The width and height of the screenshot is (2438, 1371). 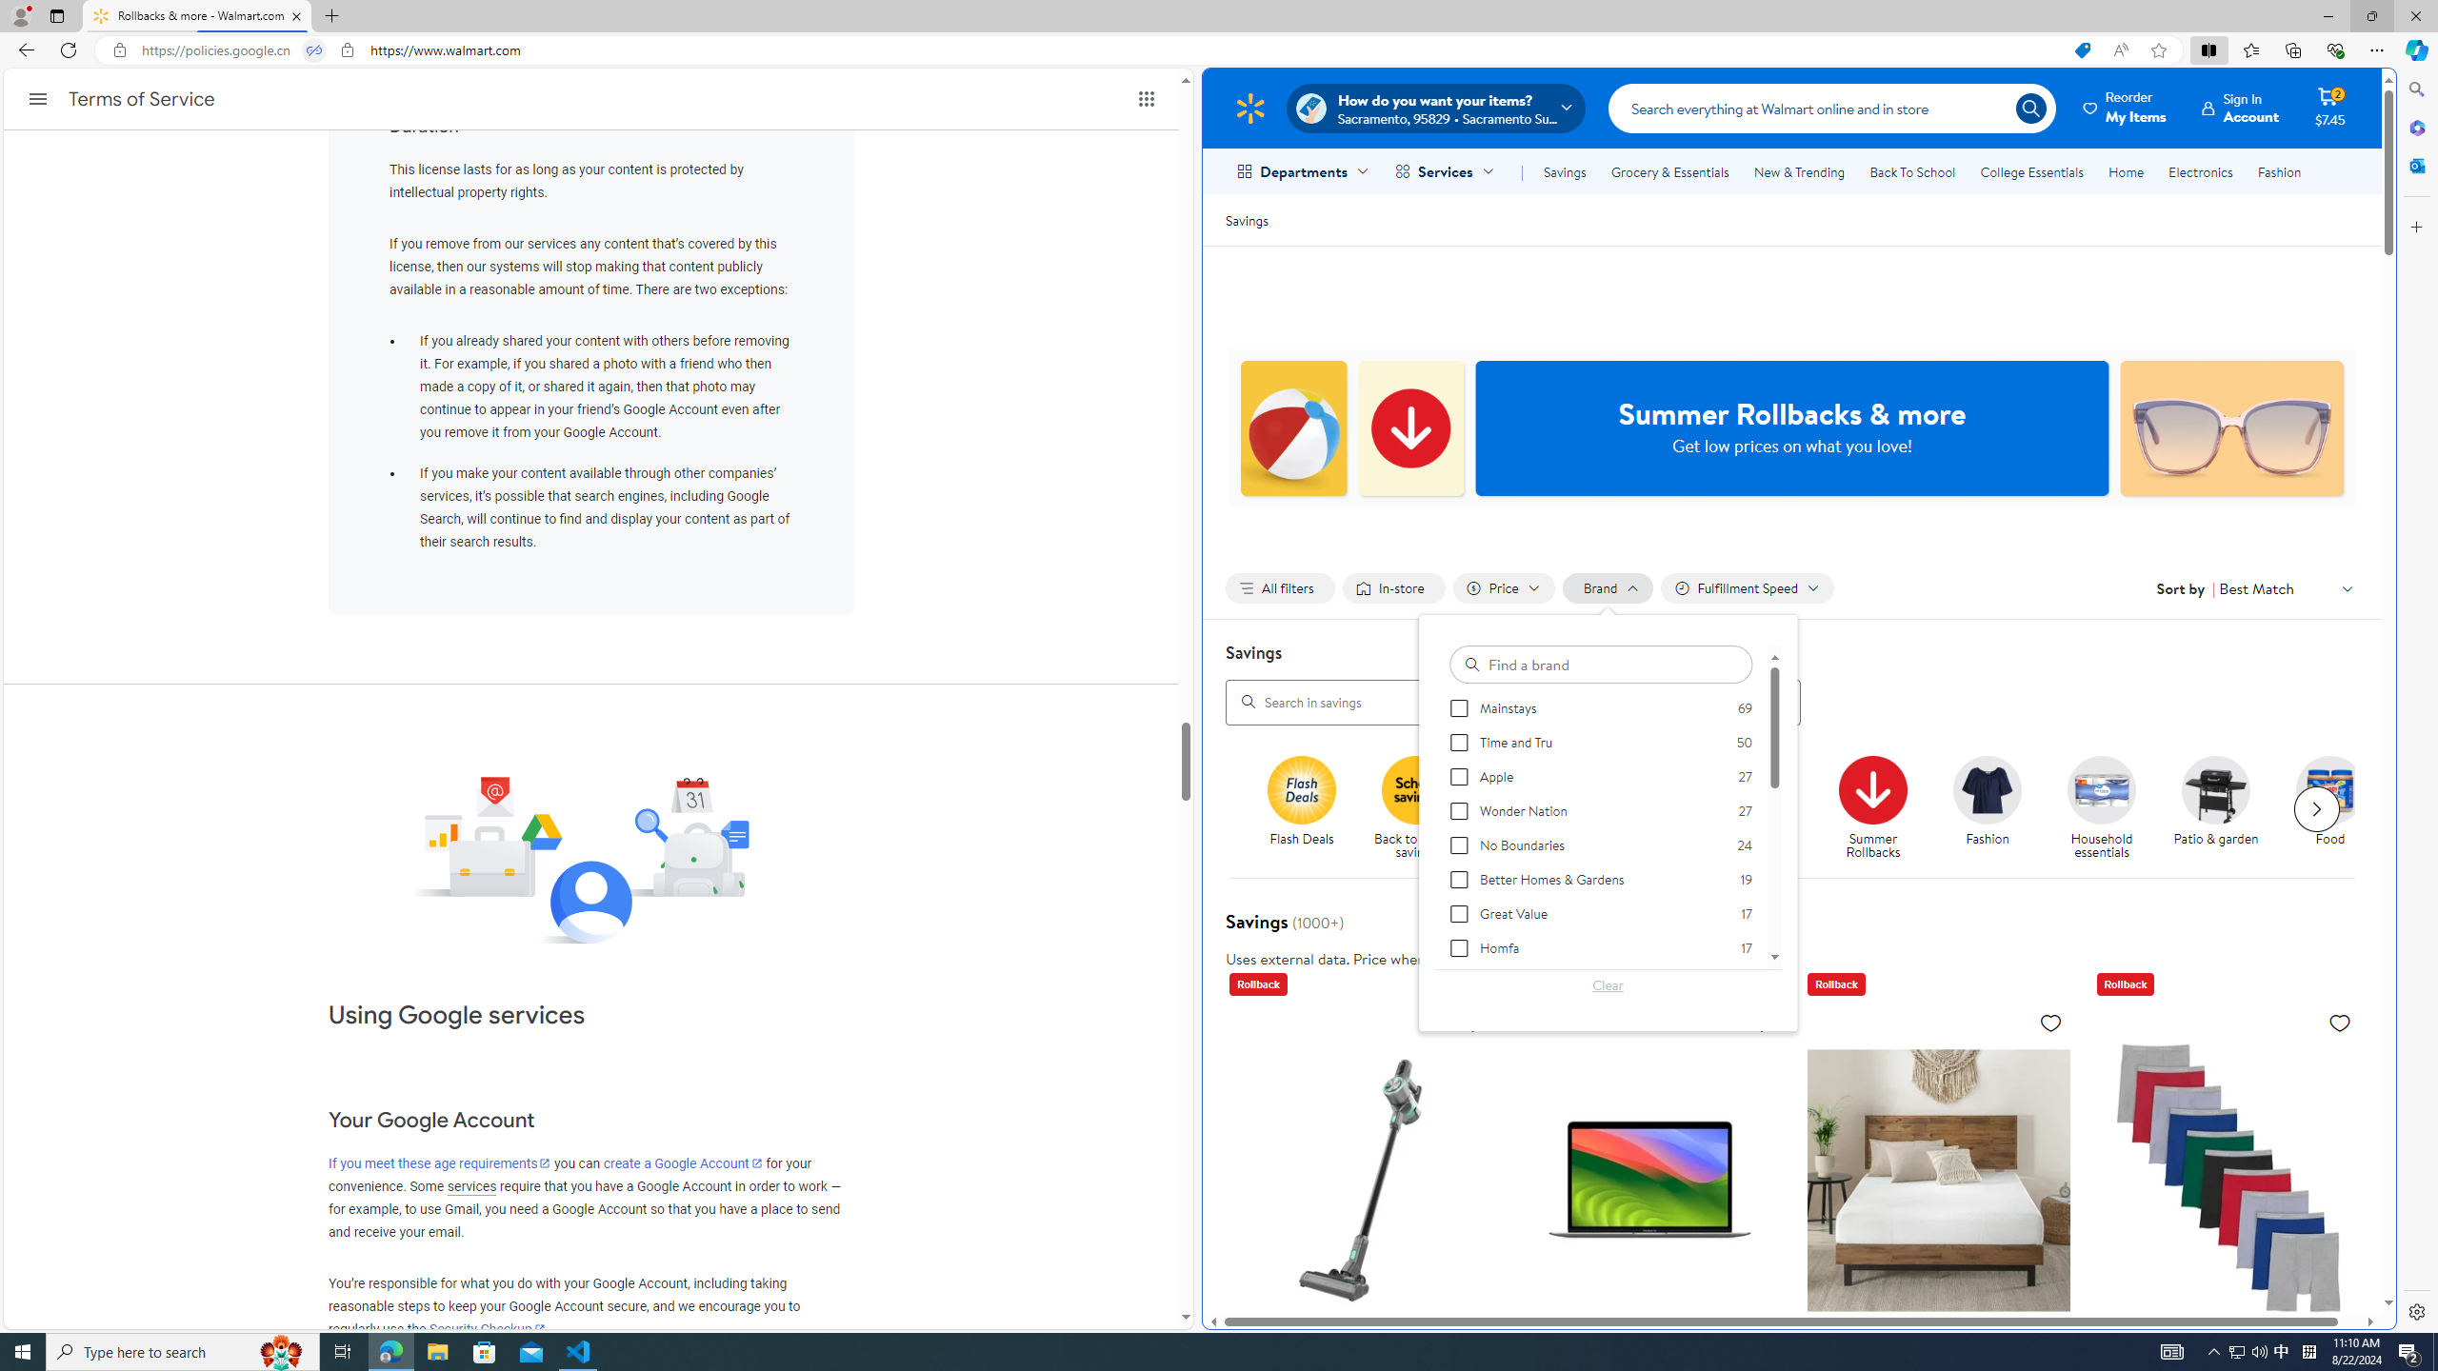 I want to click on 'Hanes Men', so click(x=2228, y=1179).